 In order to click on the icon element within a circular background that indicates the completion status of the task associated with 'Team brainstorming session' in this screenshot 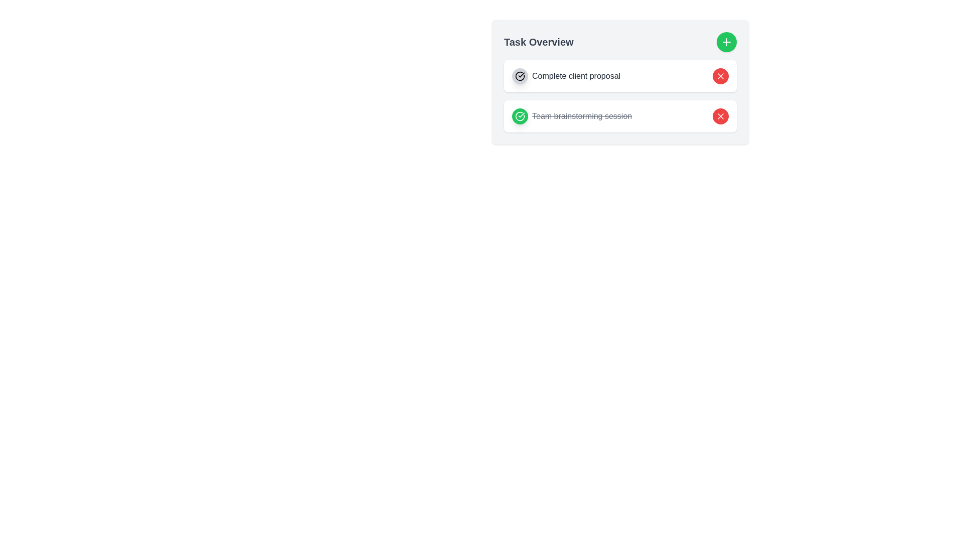, I will do `click(520, 115)`.